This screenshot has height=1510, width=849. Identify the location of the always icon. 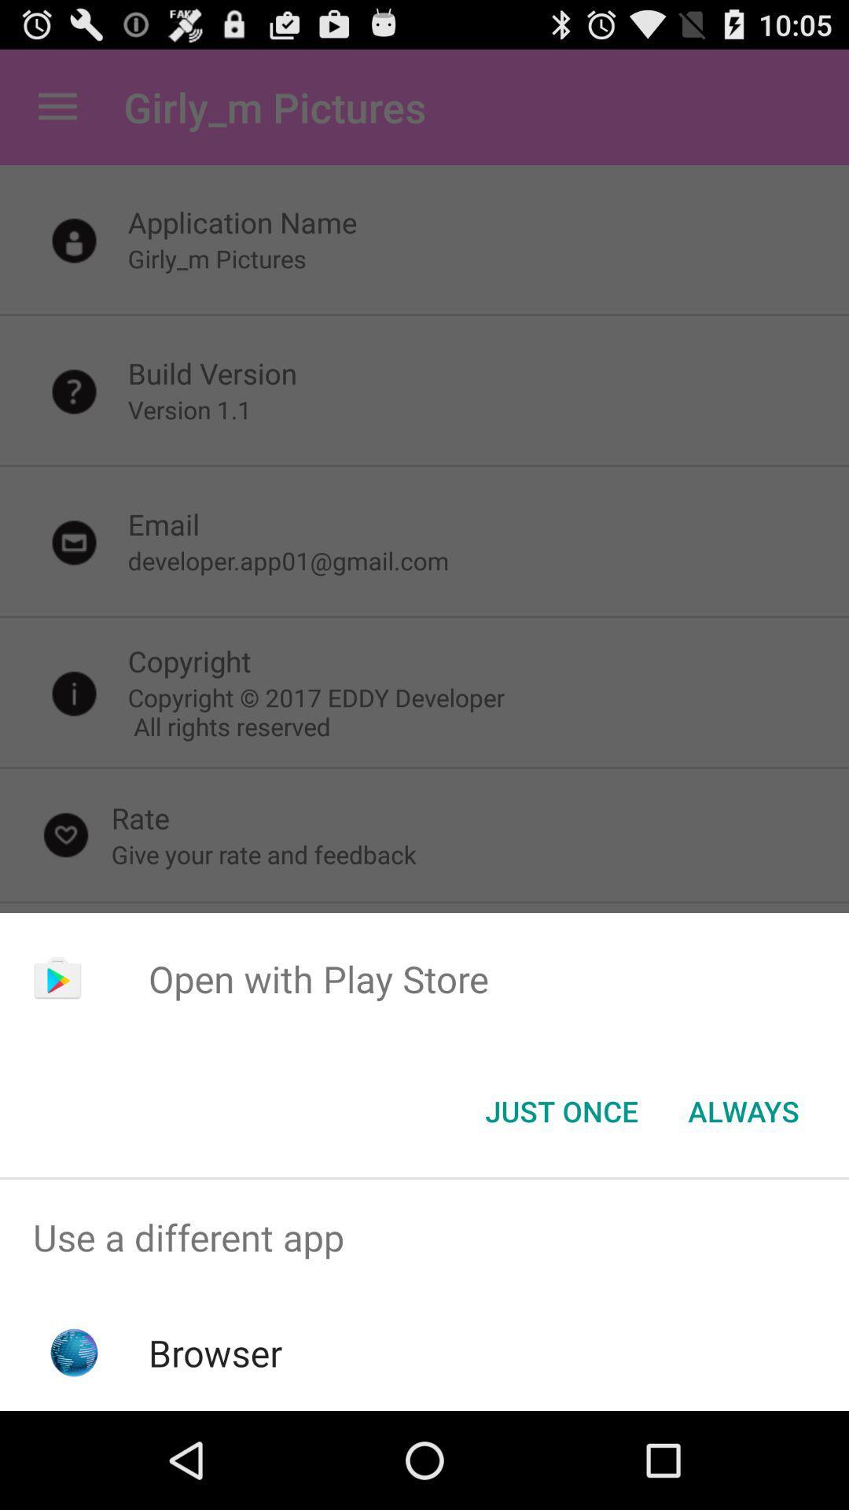
(743, 1110).